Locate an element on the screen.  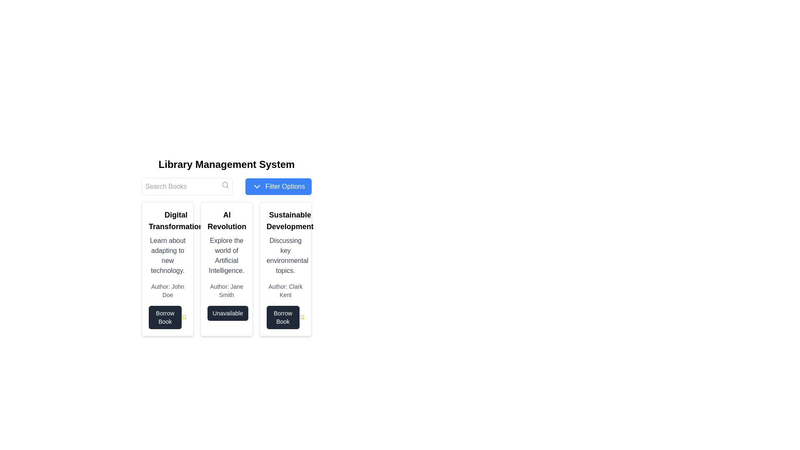
the text label displaying 'Author: John Doe' which is located beneath the description of the 'Digital Transformation' book and above the 'Borrow Book' button is located at coordinates (167, 290).